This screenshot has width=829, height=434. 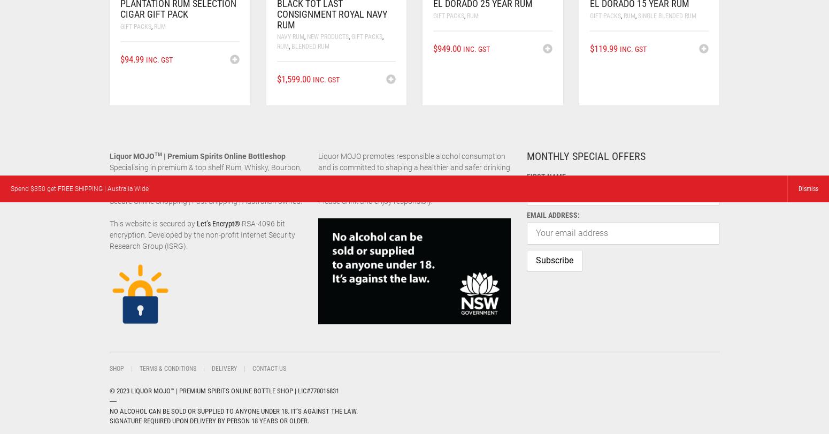 What do you see at coordinates (233, 410) in the screenshot?
I see `'No Alcohol can be sold or supplied to anyone under
18. It’s against the law.'` at bounding box center [233, 410].